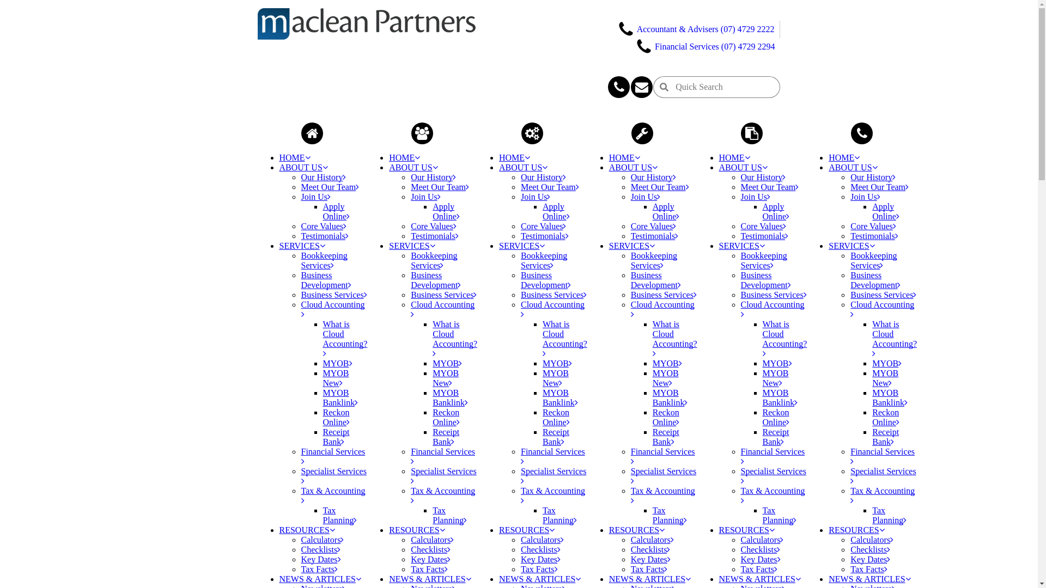  I want to click on 'Calculators', so click(542, 540).